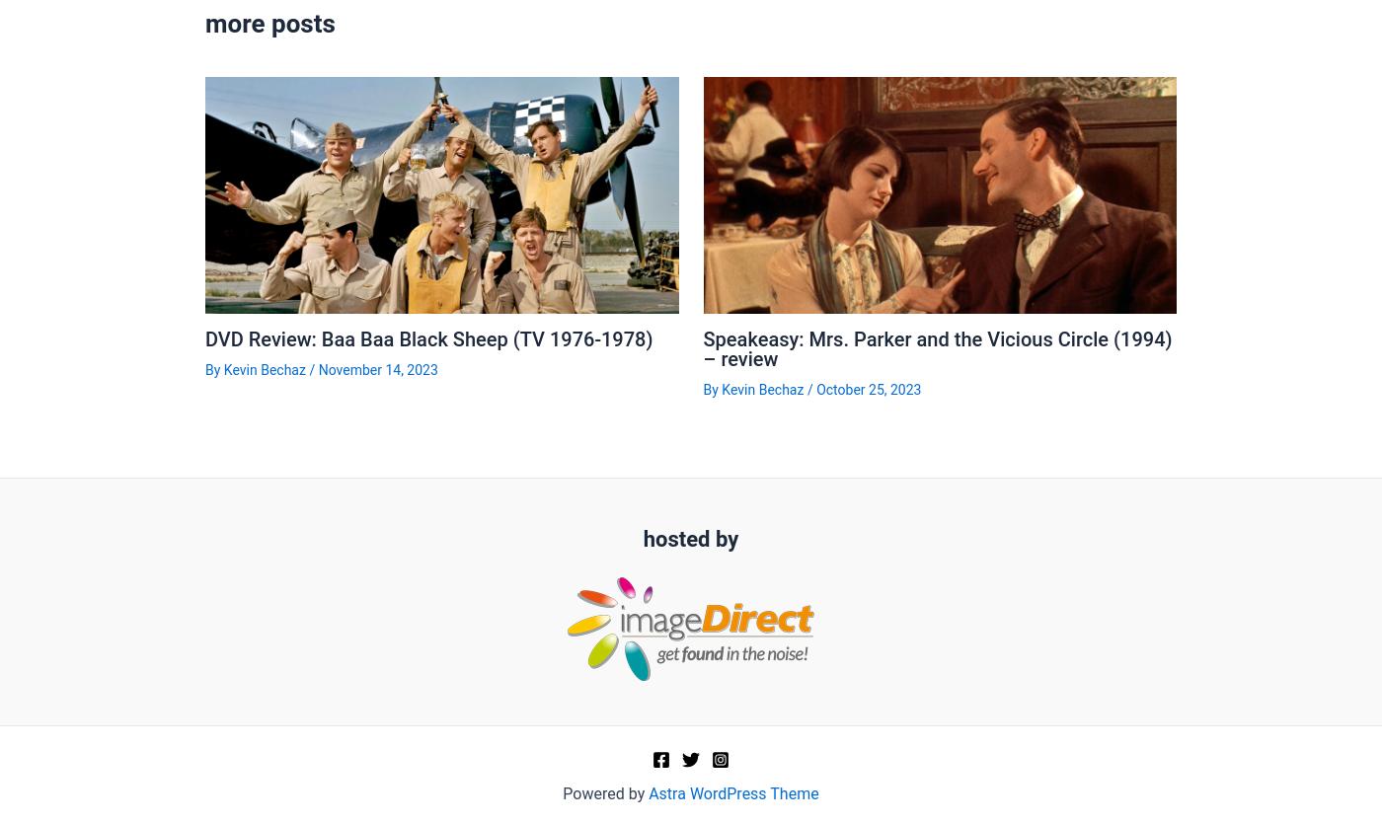  I want to click on 'November 14, 2023', so click(377, 368).